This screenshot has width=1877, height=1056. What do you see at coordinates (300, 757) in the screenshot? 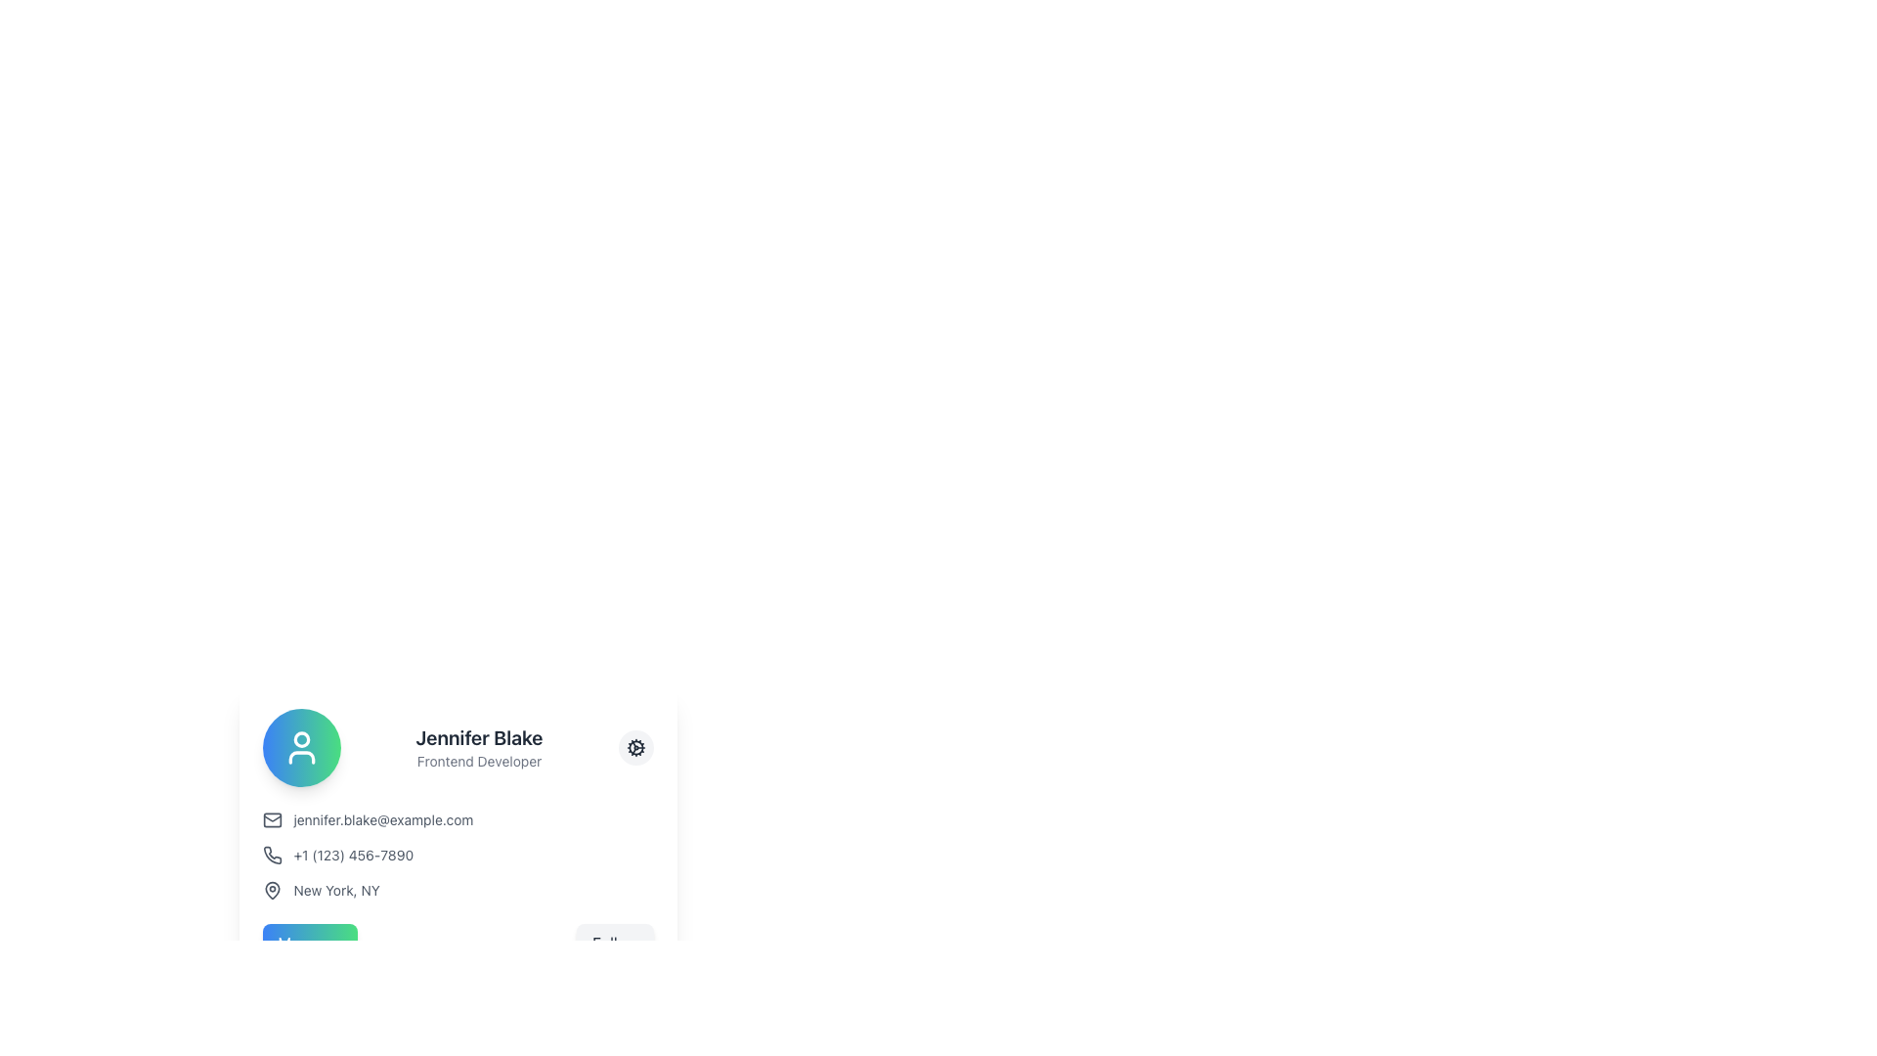
I see `the gray curved line forming the bottom part of the user icon representing shoulders, located within the circular area of the profile picture` at bounding box center [300, 757].